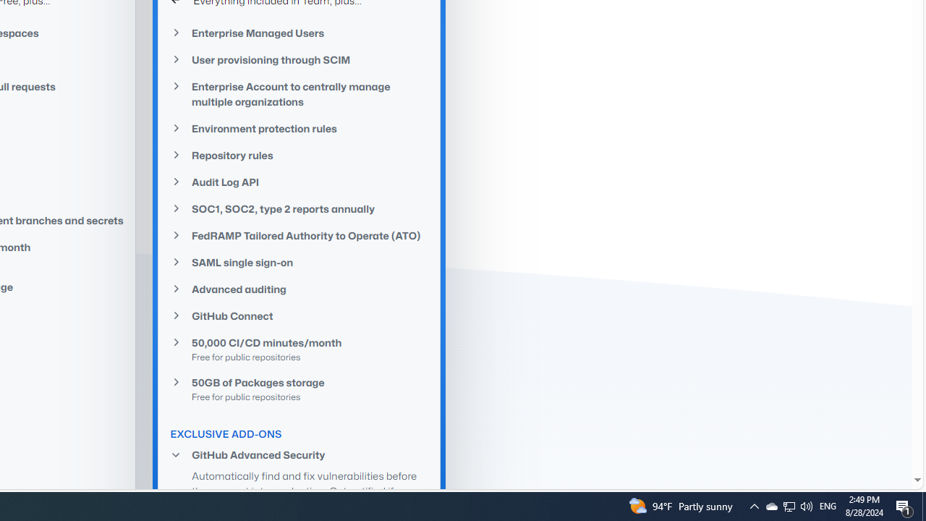 This screenshot has width=926, height=521. What do you see at coordinates (299, 388) in the screenshot?
I see `'50GB of Packages storageFree for public repositories'` at bounding box center [299, 388].